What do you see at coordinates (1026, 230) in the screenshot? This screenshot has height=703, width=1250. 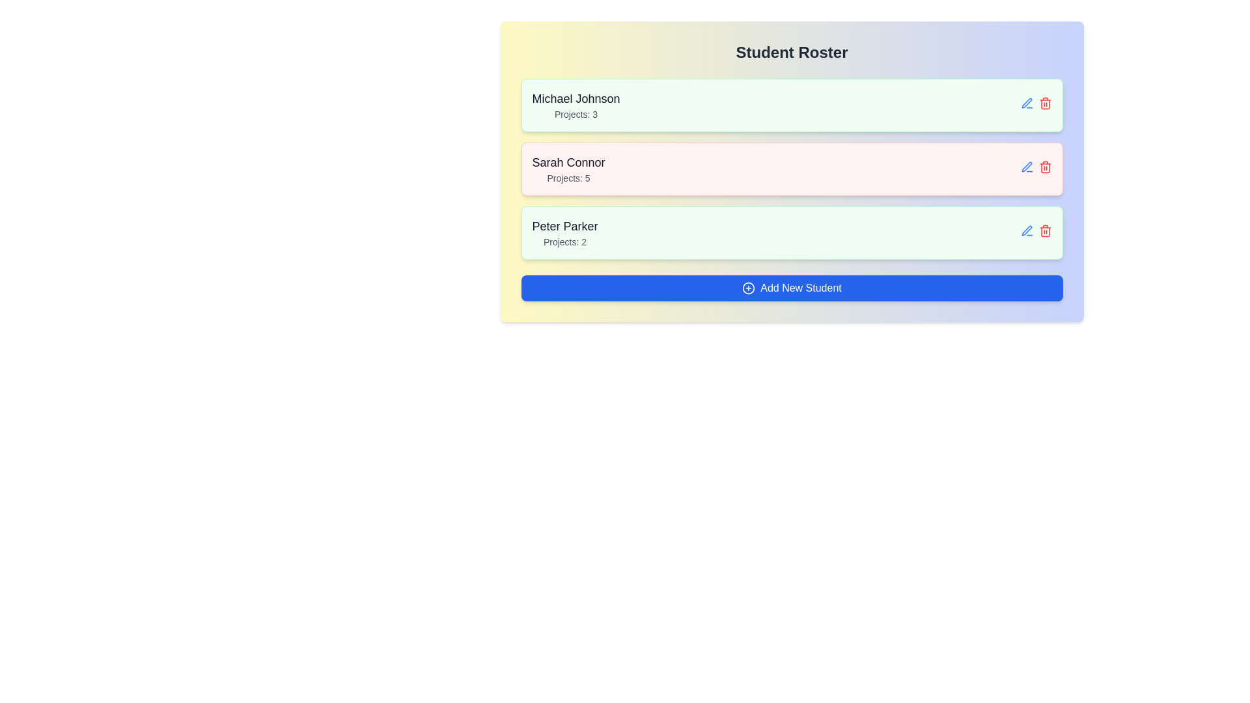 I see `the edit button for Peter Parker` at bounding box center [1026, 230].